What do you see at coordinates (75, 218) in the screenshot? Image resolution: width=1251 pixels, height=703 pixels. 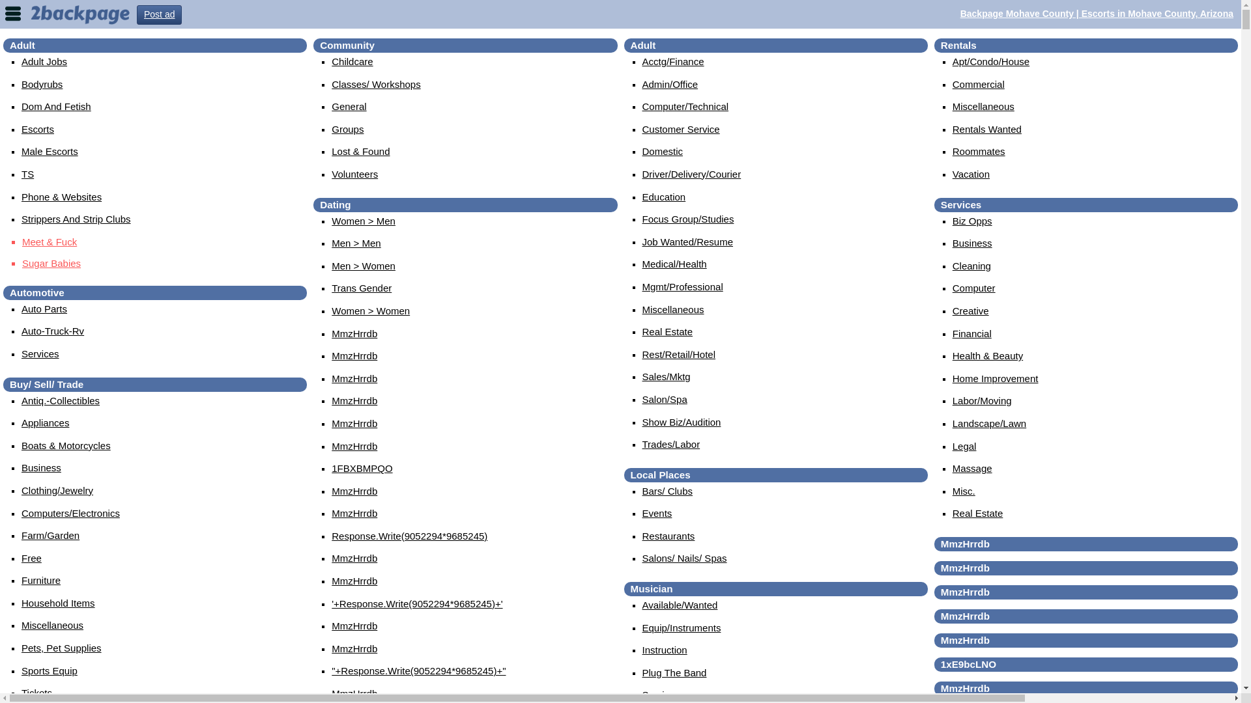 I see `'Strippers And Strip Clubs'` at bounding box center [75, 218].